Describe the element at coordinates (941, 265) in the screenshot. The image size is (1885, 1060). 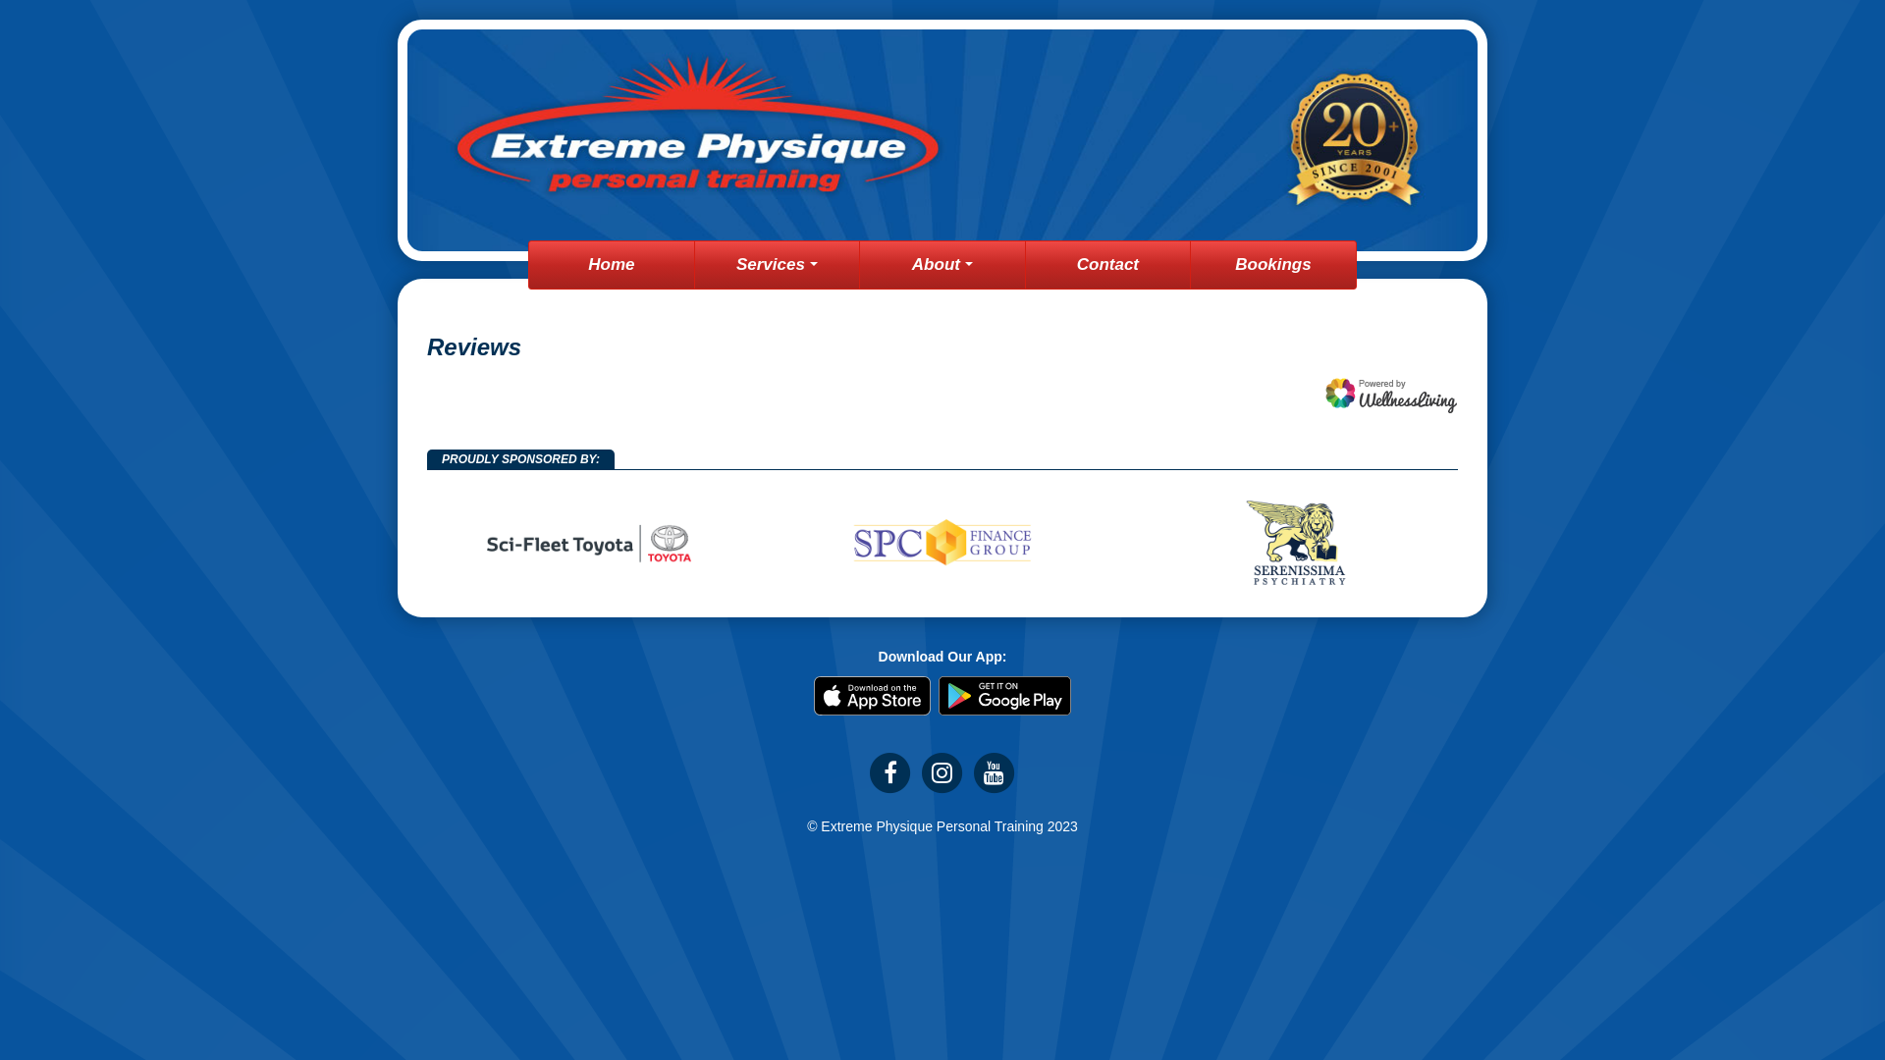
I see `'About'` at that location.